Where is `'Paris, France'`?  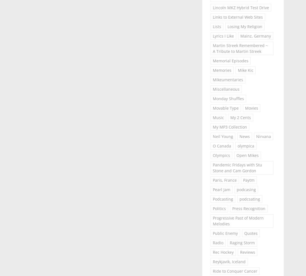 'Paris, France' is located at coordinates (224, 180).